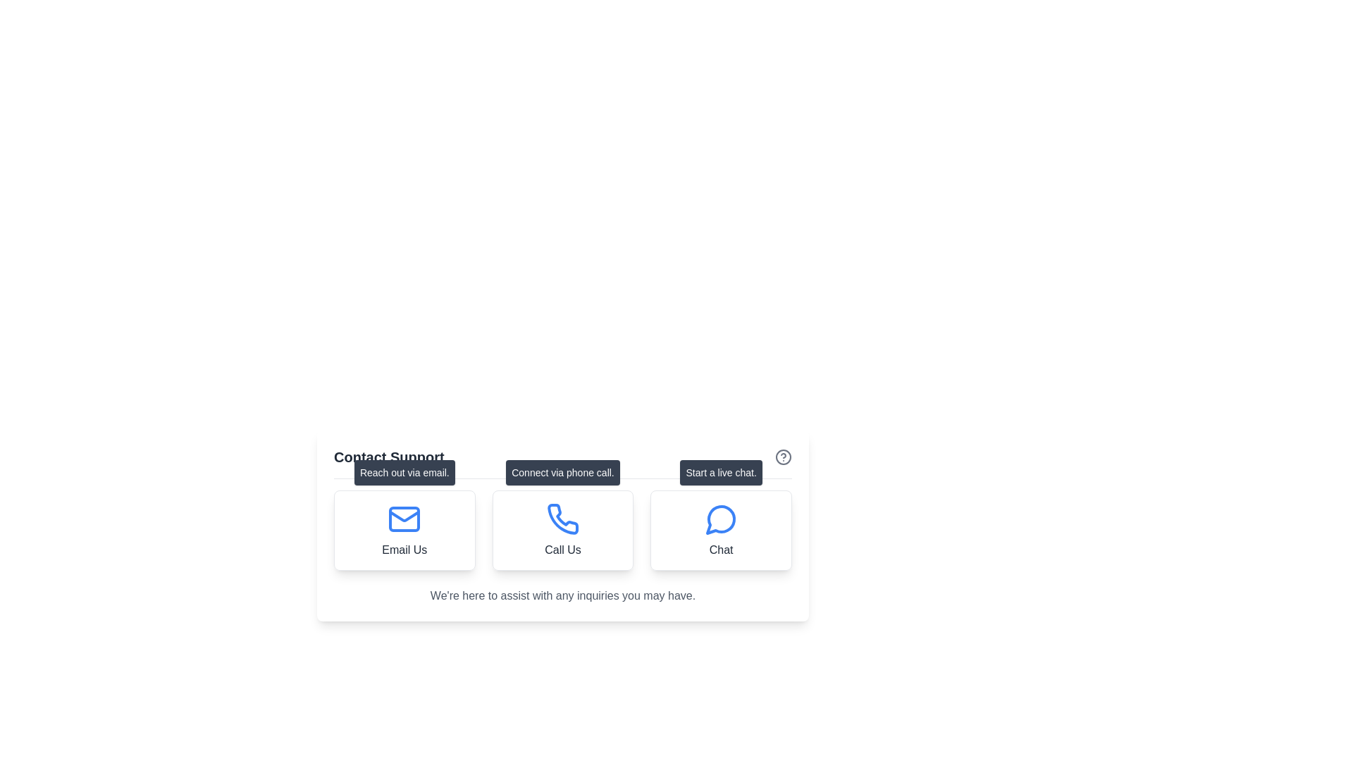 This screenshot has height=761, width=1353. What do you see at coordinates (562, 525) in the screenshot?
I see `the support call button located in the central column of the three-column layout to initiate a phone call for support inquiries` at bounding box center [562, 525].